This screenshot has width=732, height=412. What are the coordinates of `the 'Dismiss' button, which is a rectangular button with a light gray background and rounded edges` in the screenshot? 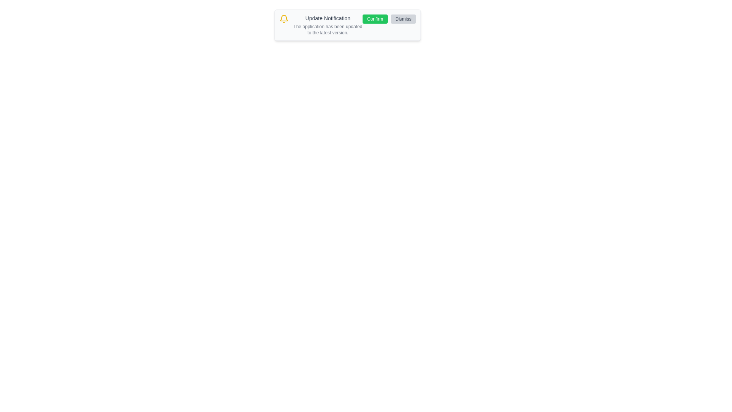 It's located at (403, 19).